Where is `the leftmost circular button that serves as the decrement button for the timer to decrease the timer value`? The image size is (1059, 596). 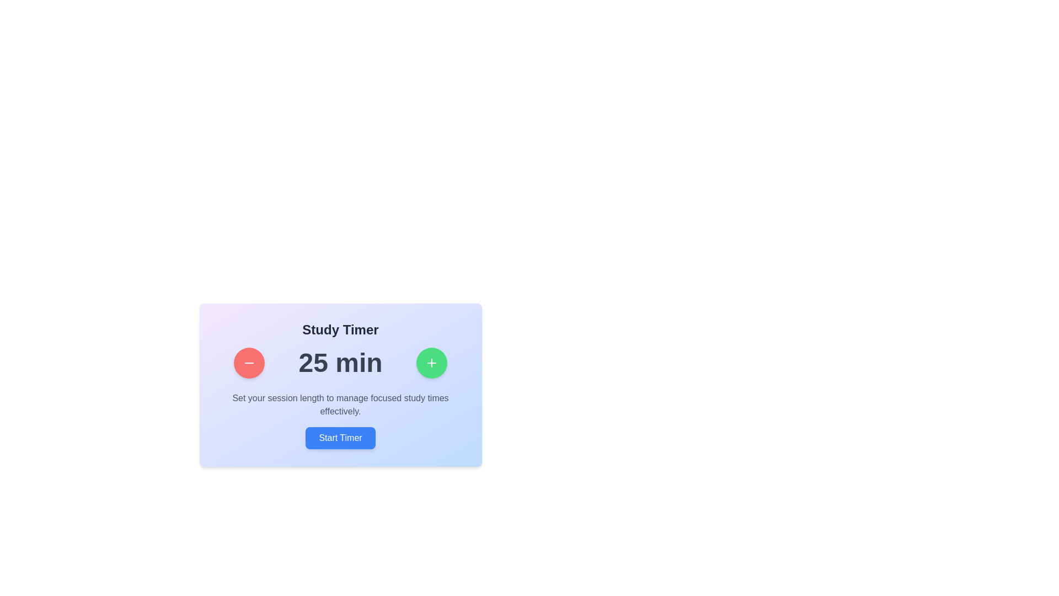
the leftmost circular button that serves as the decrement button for the timer to decrease the timer value is located at coordinates (249, 363).